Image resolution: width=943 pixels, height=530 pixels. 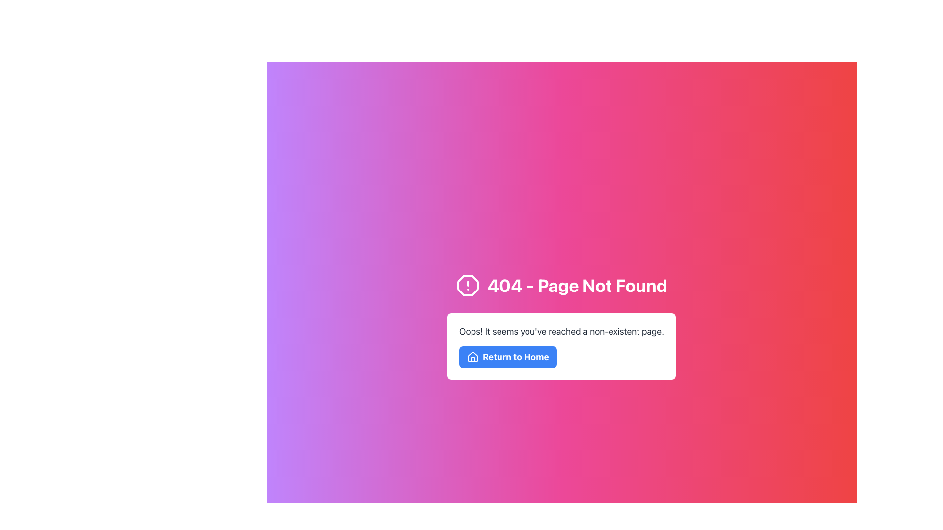 I want to click on the 'Return to Home' button with a blue background and a house icon, so click(x=508, y=357).